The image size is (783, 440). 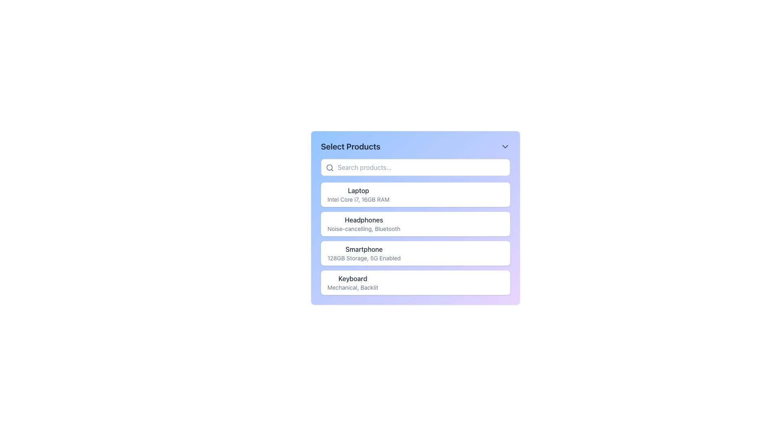 I want to click on the text label providing additional specifications related to the 'Keyboard' product, positioned below the 'Keyboard' title, so click(x=353, y=287).